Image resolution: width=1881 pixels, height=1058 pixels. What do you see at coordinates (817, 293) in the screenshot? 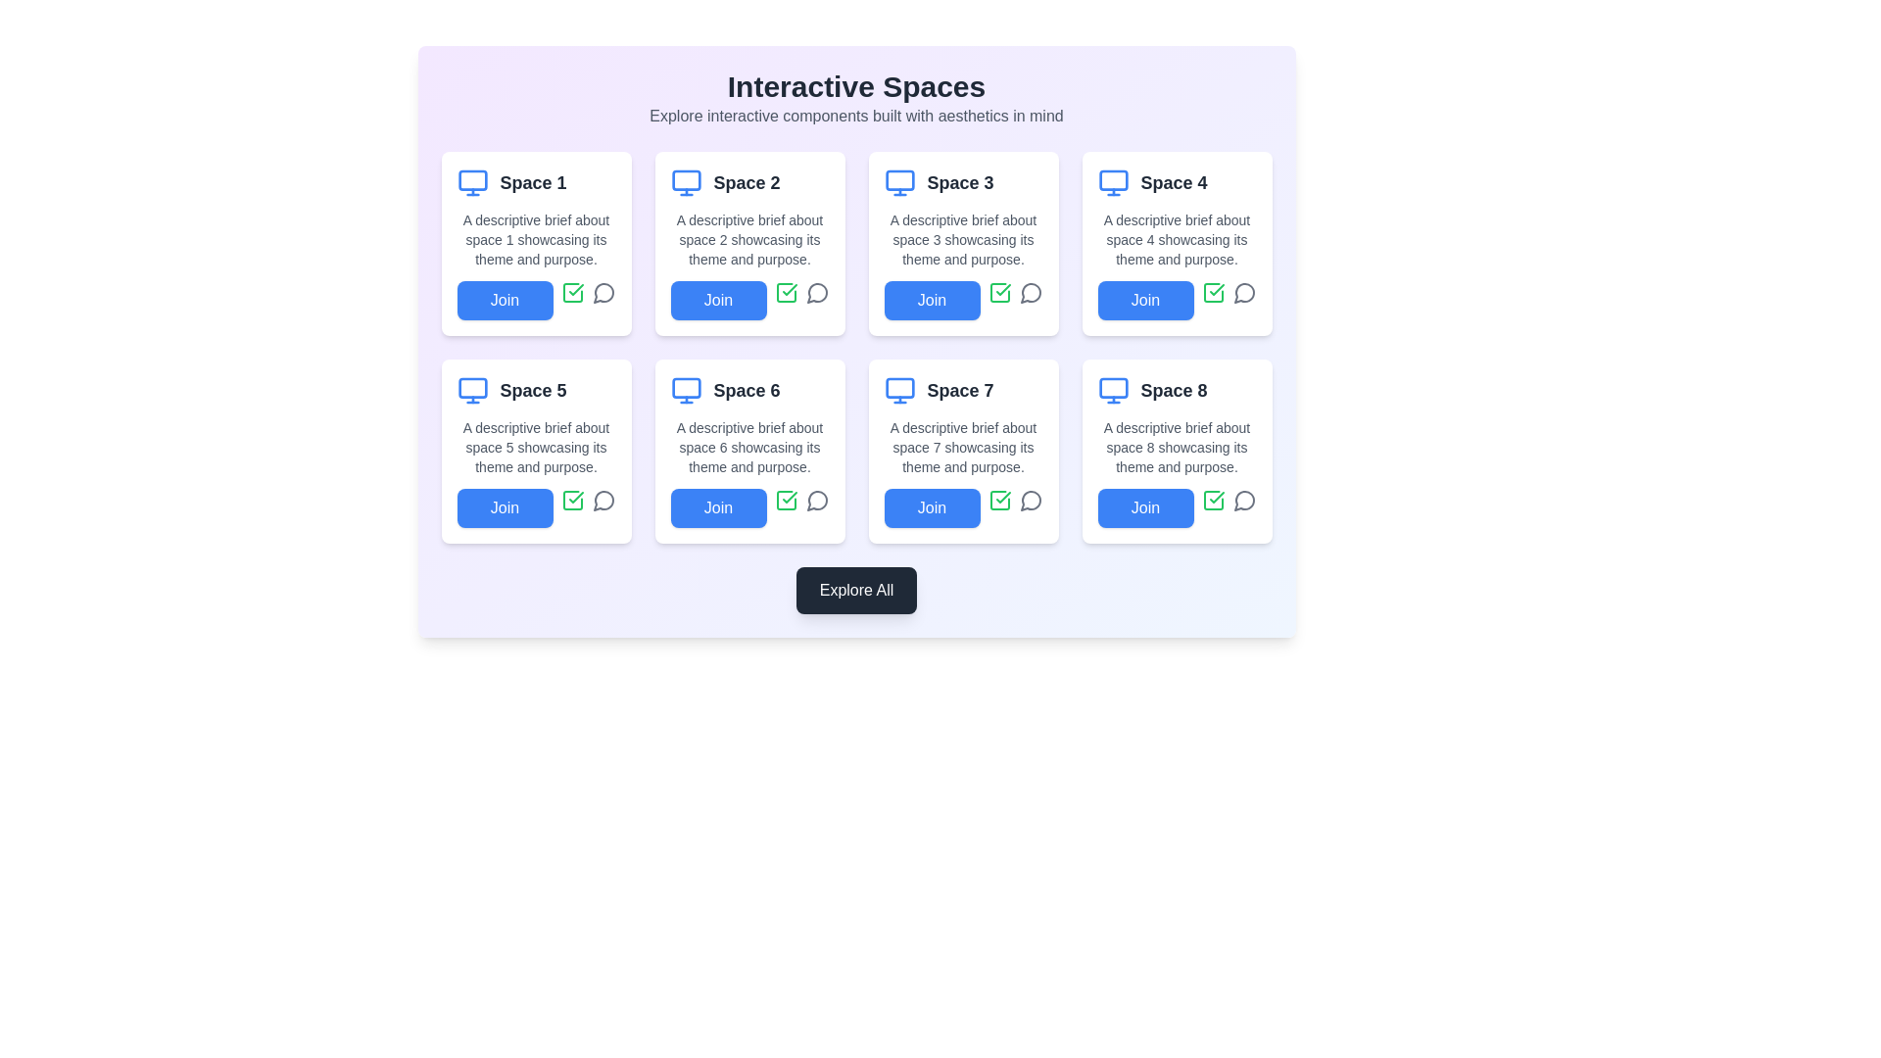
I see `the graphical icon representing comment functionality, located at the bottom-right of the Space 2 card in the grid` at bounding box center [817, 293].